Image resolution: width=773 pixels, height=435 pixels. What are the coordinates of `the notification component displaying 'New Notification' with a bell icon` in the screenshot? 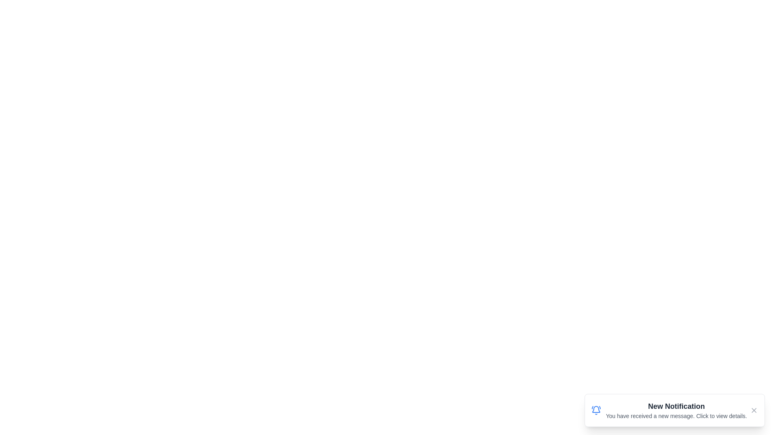 It's located at (669, 410).